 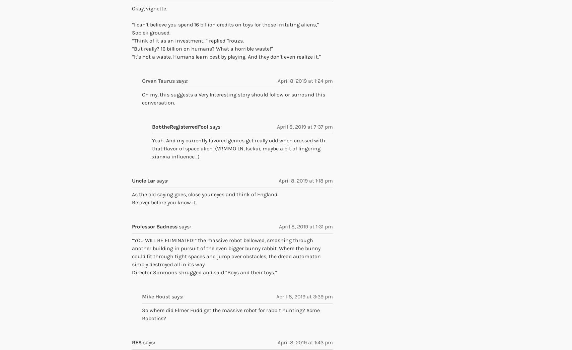 I want to click on 'Director Simmons shrugged and said “Boys and their toys.”', so click(x=204, y=272).